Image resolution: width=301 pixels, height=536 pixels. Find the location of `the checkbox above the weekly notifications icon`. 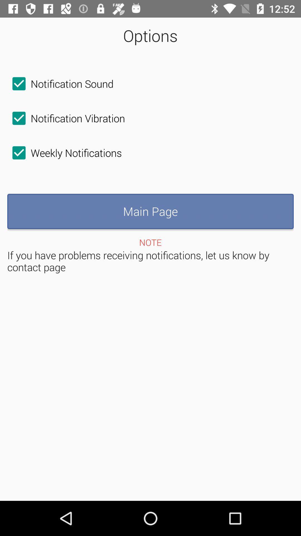

the checkbox above the weekly notifications icon is located at coordinates (66, 118).